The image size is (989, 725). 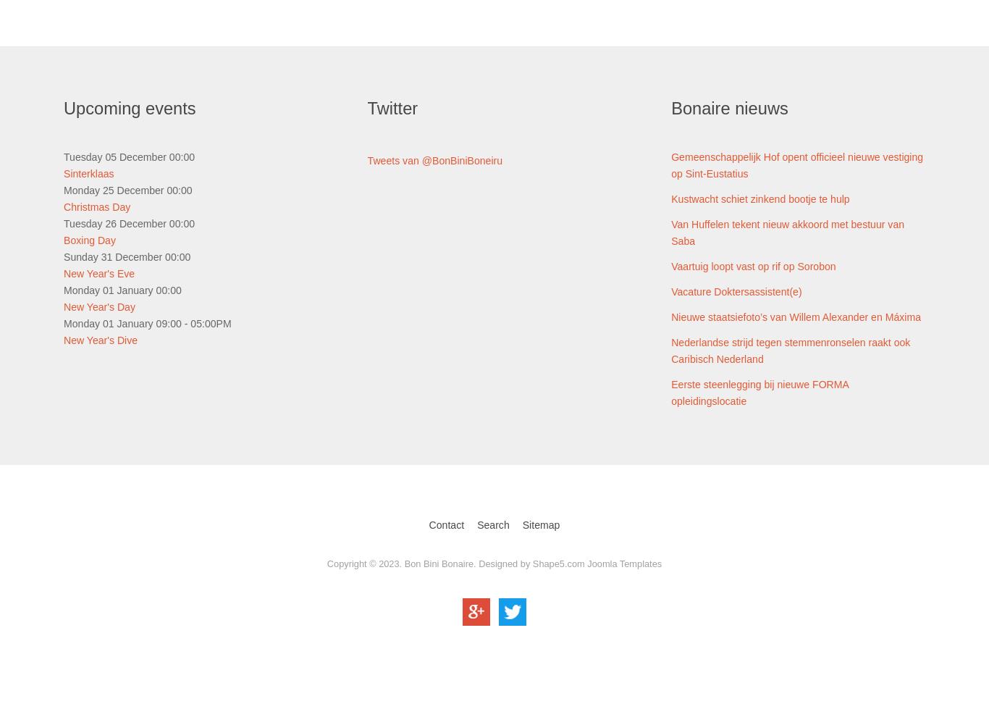 What do you see at coordinates (128, 223) in the screenshot?
I see `'Tuesday 26 December 00:00'` at bounding box center [128, 223].